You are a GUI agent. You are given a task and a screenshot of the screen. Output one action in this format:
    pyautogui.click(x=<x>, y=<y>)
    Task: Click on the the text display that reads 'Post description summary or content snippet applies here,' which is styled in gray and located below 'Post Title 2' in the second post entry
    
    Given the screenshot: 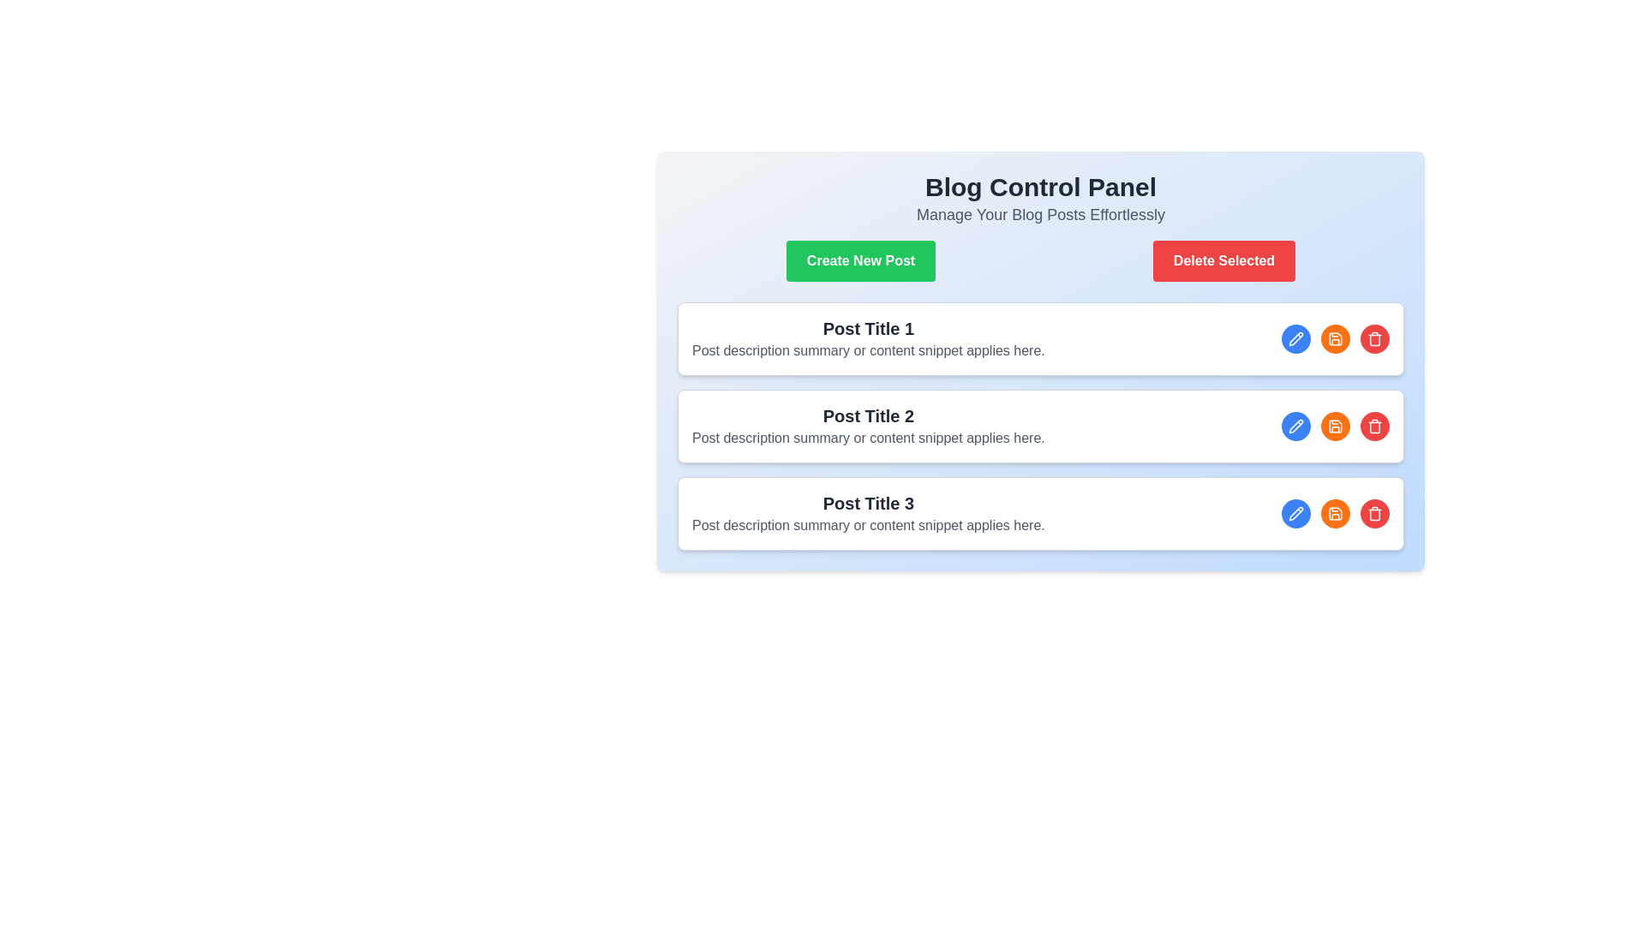 What is the action you would take?
    pyautogui.click(x=868, y=438)
    